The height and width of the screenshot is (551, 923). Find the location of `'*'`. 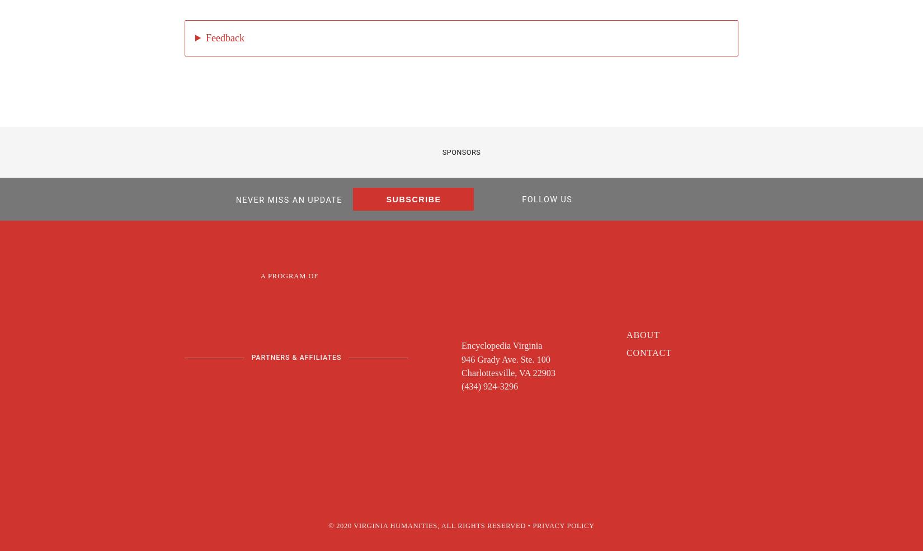

'*' is located at coordinates (248, 224).